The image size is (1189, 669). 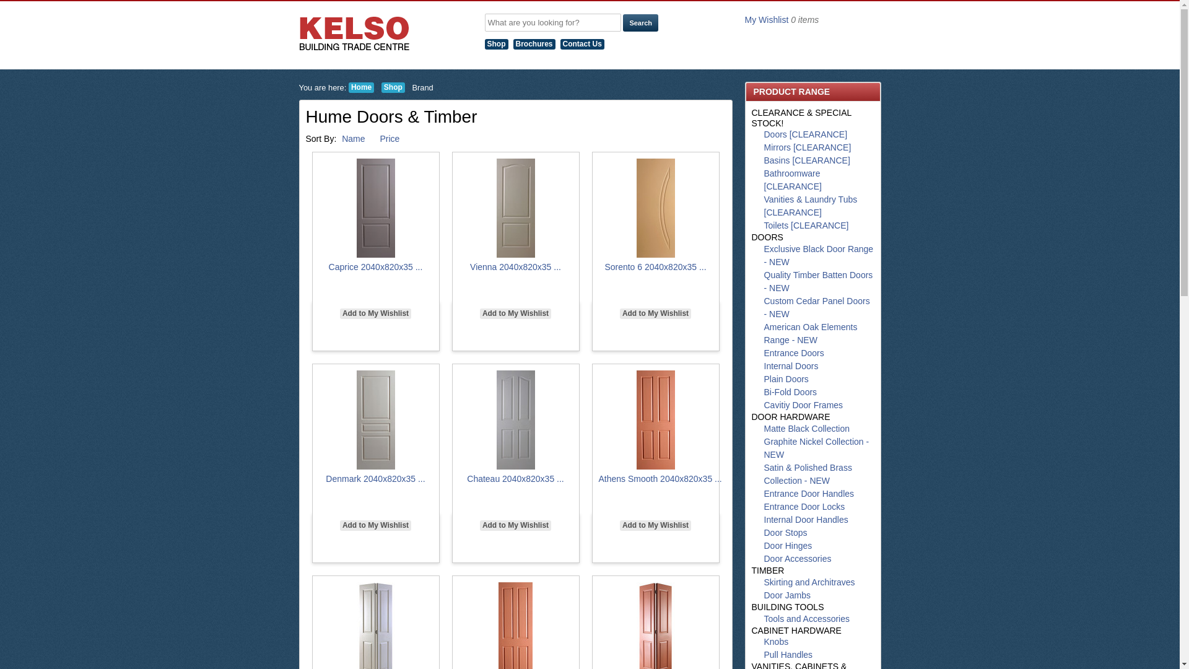 I want to click on 'Mirrors [CLEARANCE]', so click(x=808, y=147).